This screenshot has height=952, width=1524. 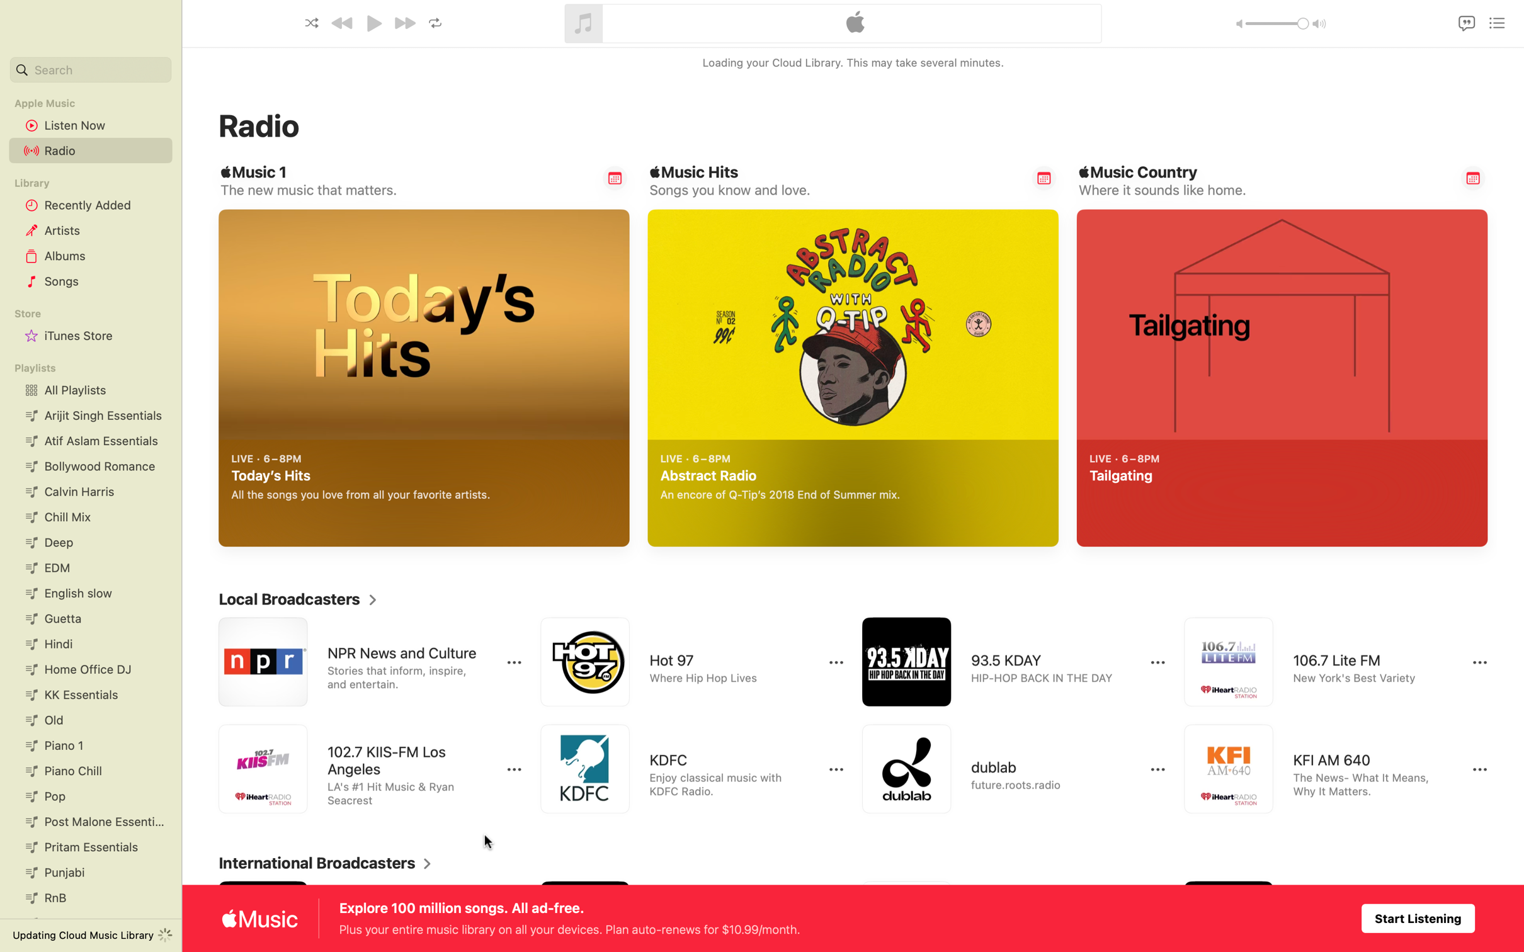 I want to click on a prompt for the song called "Music 1, so click(x=615, y=178).